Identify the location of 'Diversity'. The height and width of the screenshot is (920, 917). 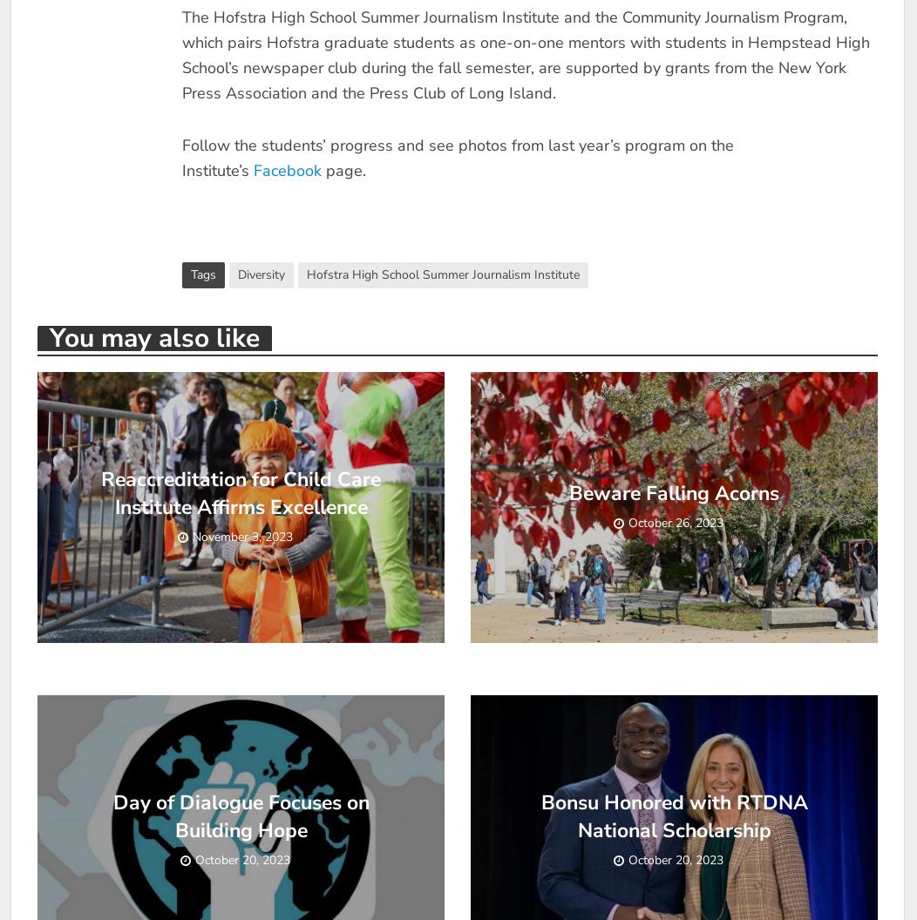
(260, 274).